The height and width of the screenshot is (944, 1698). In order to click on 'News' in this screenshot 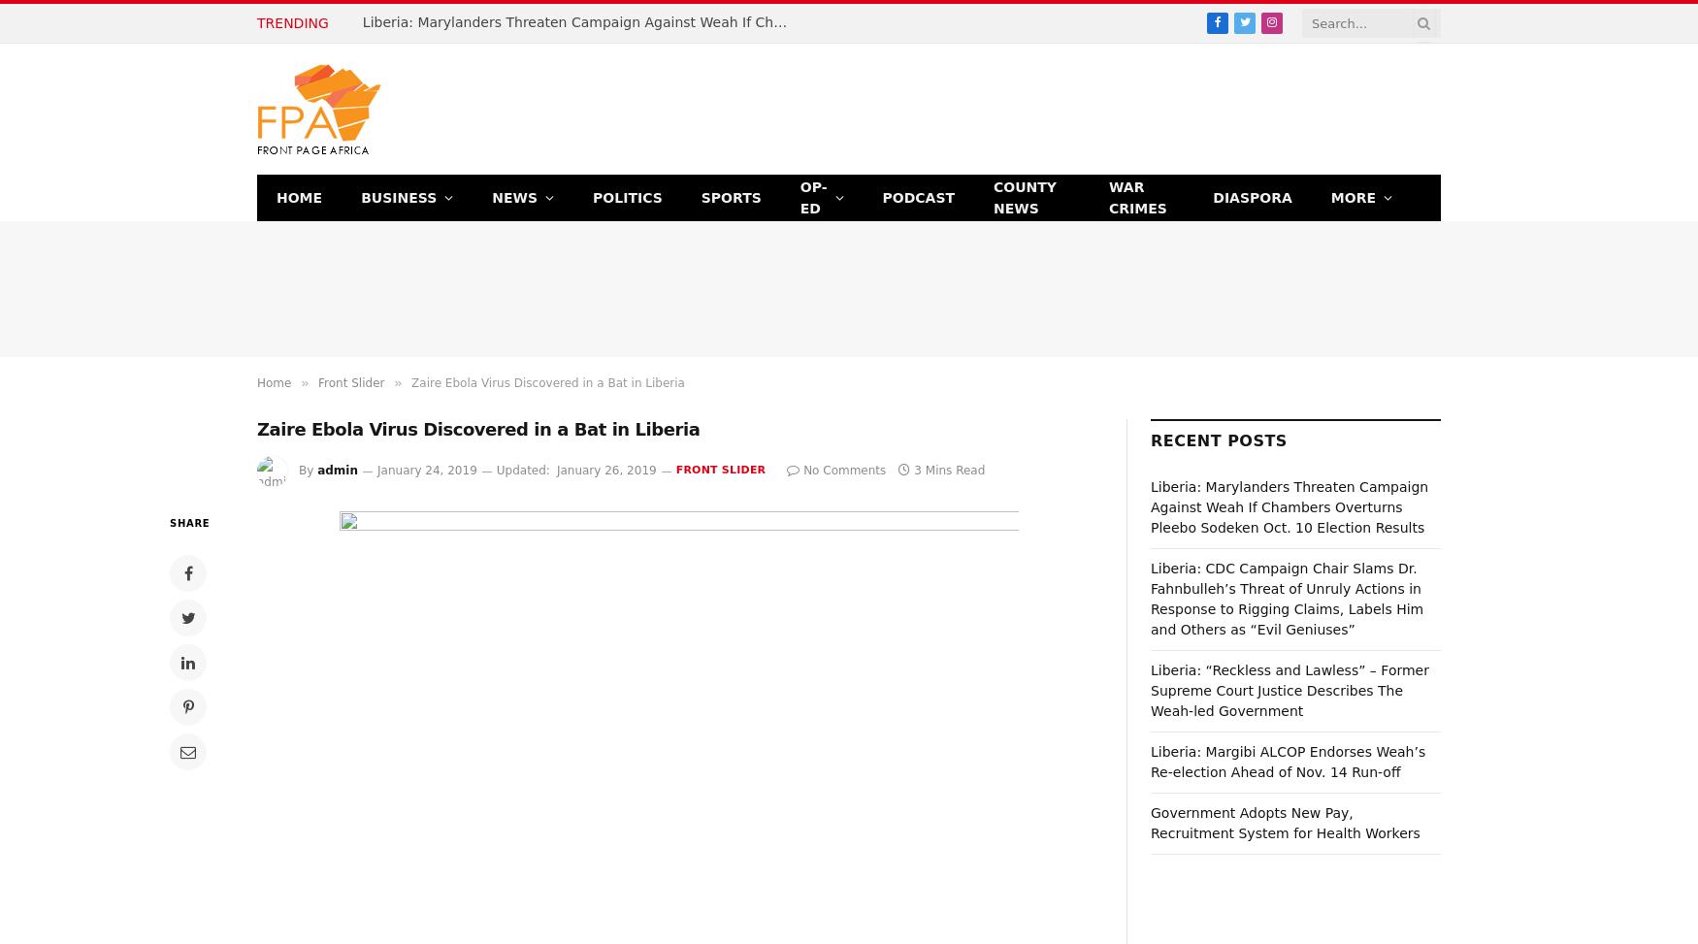, I will do `click(490, 196)`.